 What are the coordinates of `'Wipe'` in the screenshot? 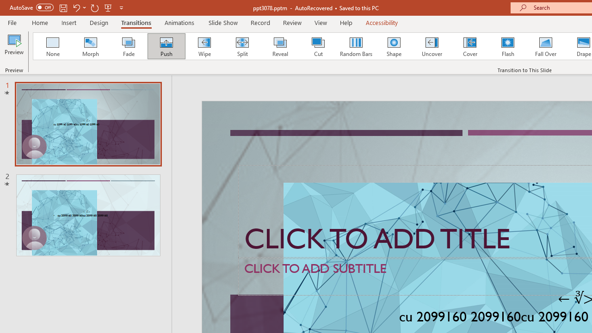 It's located at (203, 46).